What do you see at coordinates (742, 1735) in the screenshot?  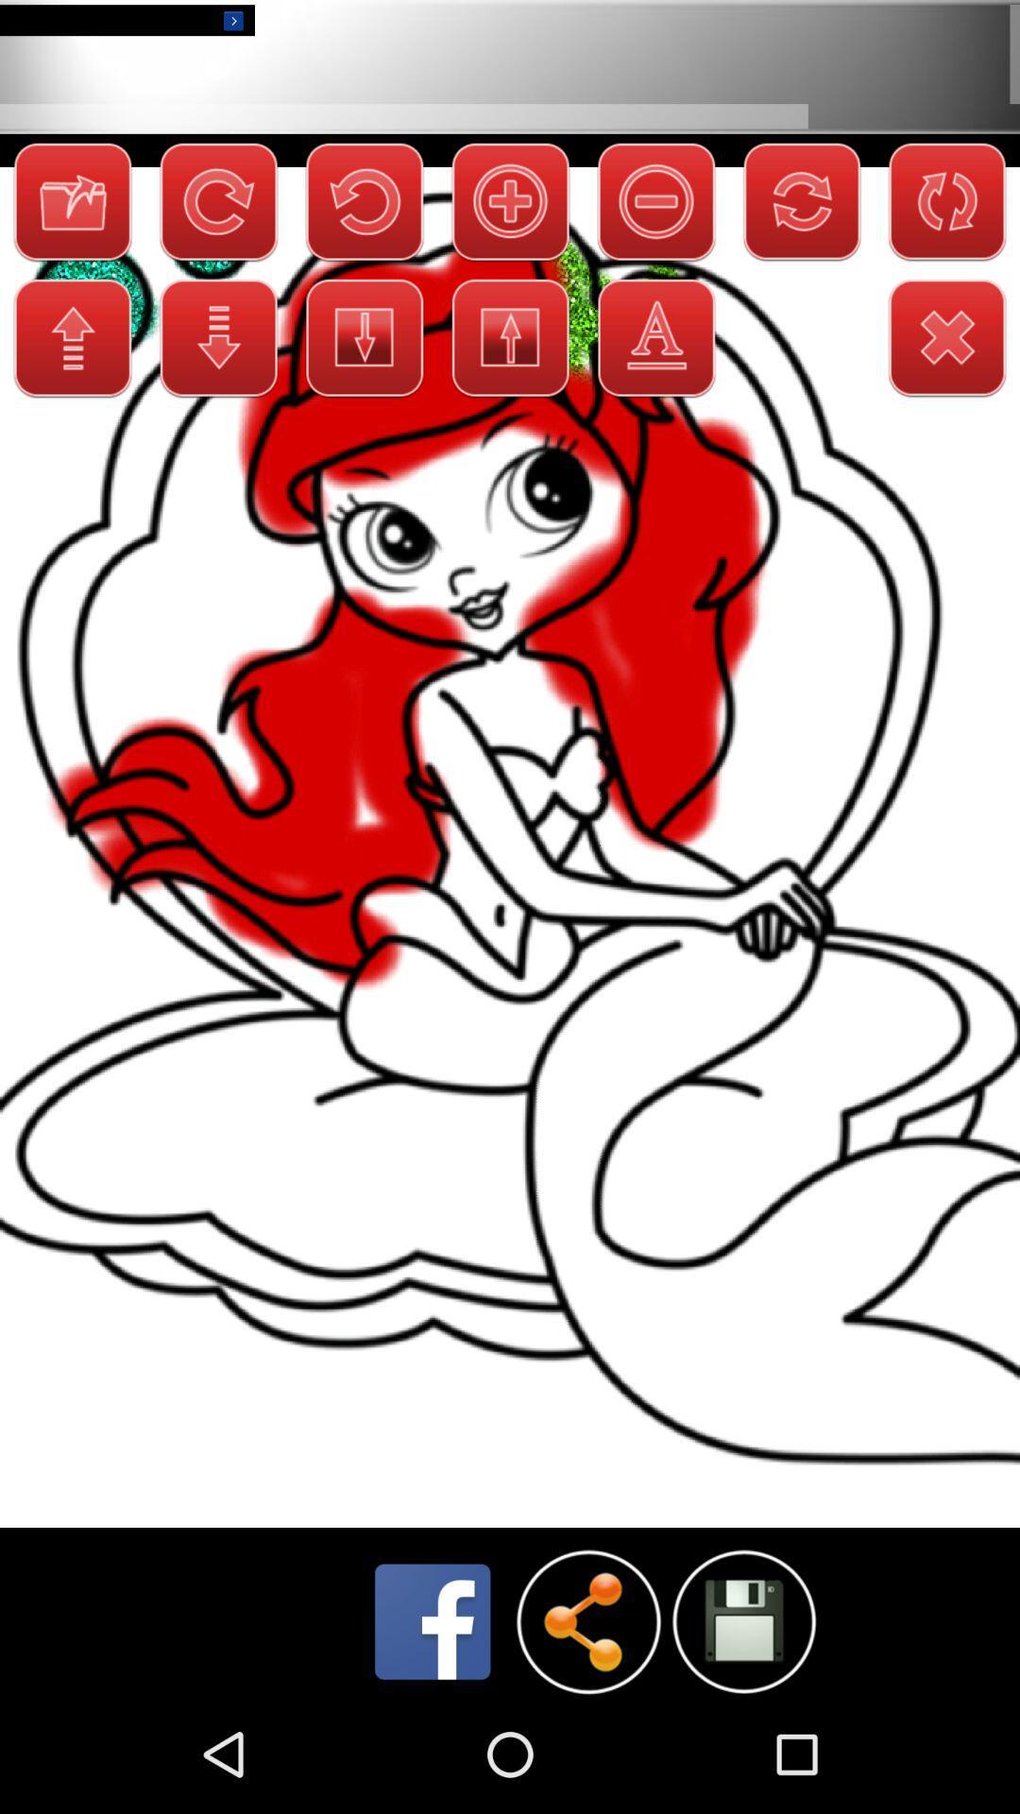 I see `the save icon` at bounding box center [742, 1735].